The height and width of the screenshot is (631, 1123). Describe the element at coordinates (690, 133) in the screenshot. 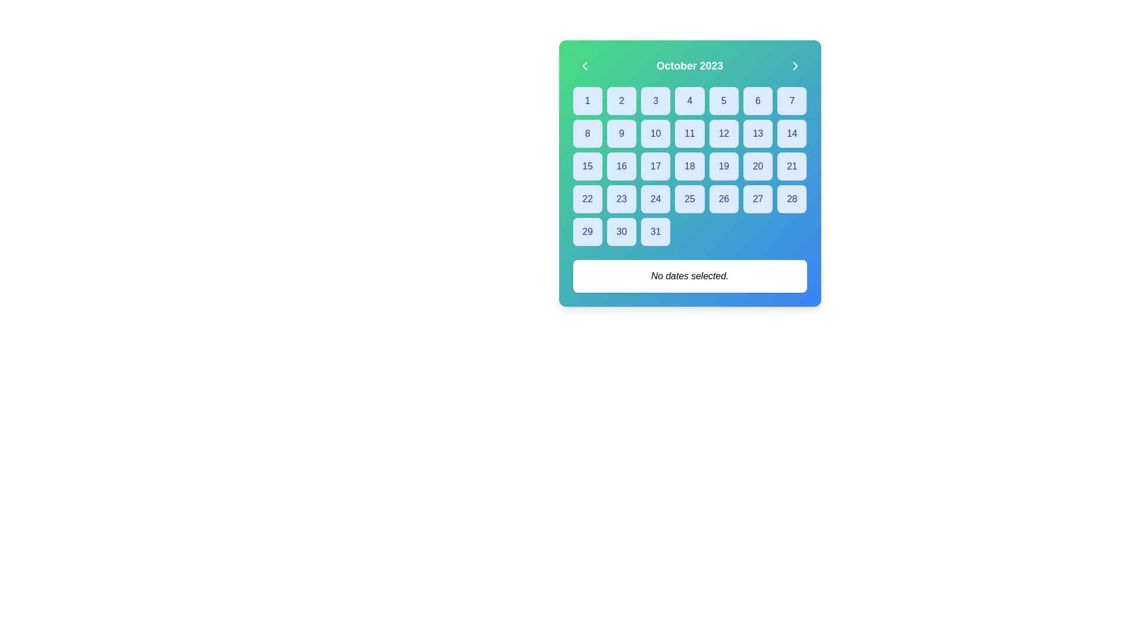

I see `the button representing the 11th day in the calendar interface located in the fourth column and second row of the grid layout` at that location.